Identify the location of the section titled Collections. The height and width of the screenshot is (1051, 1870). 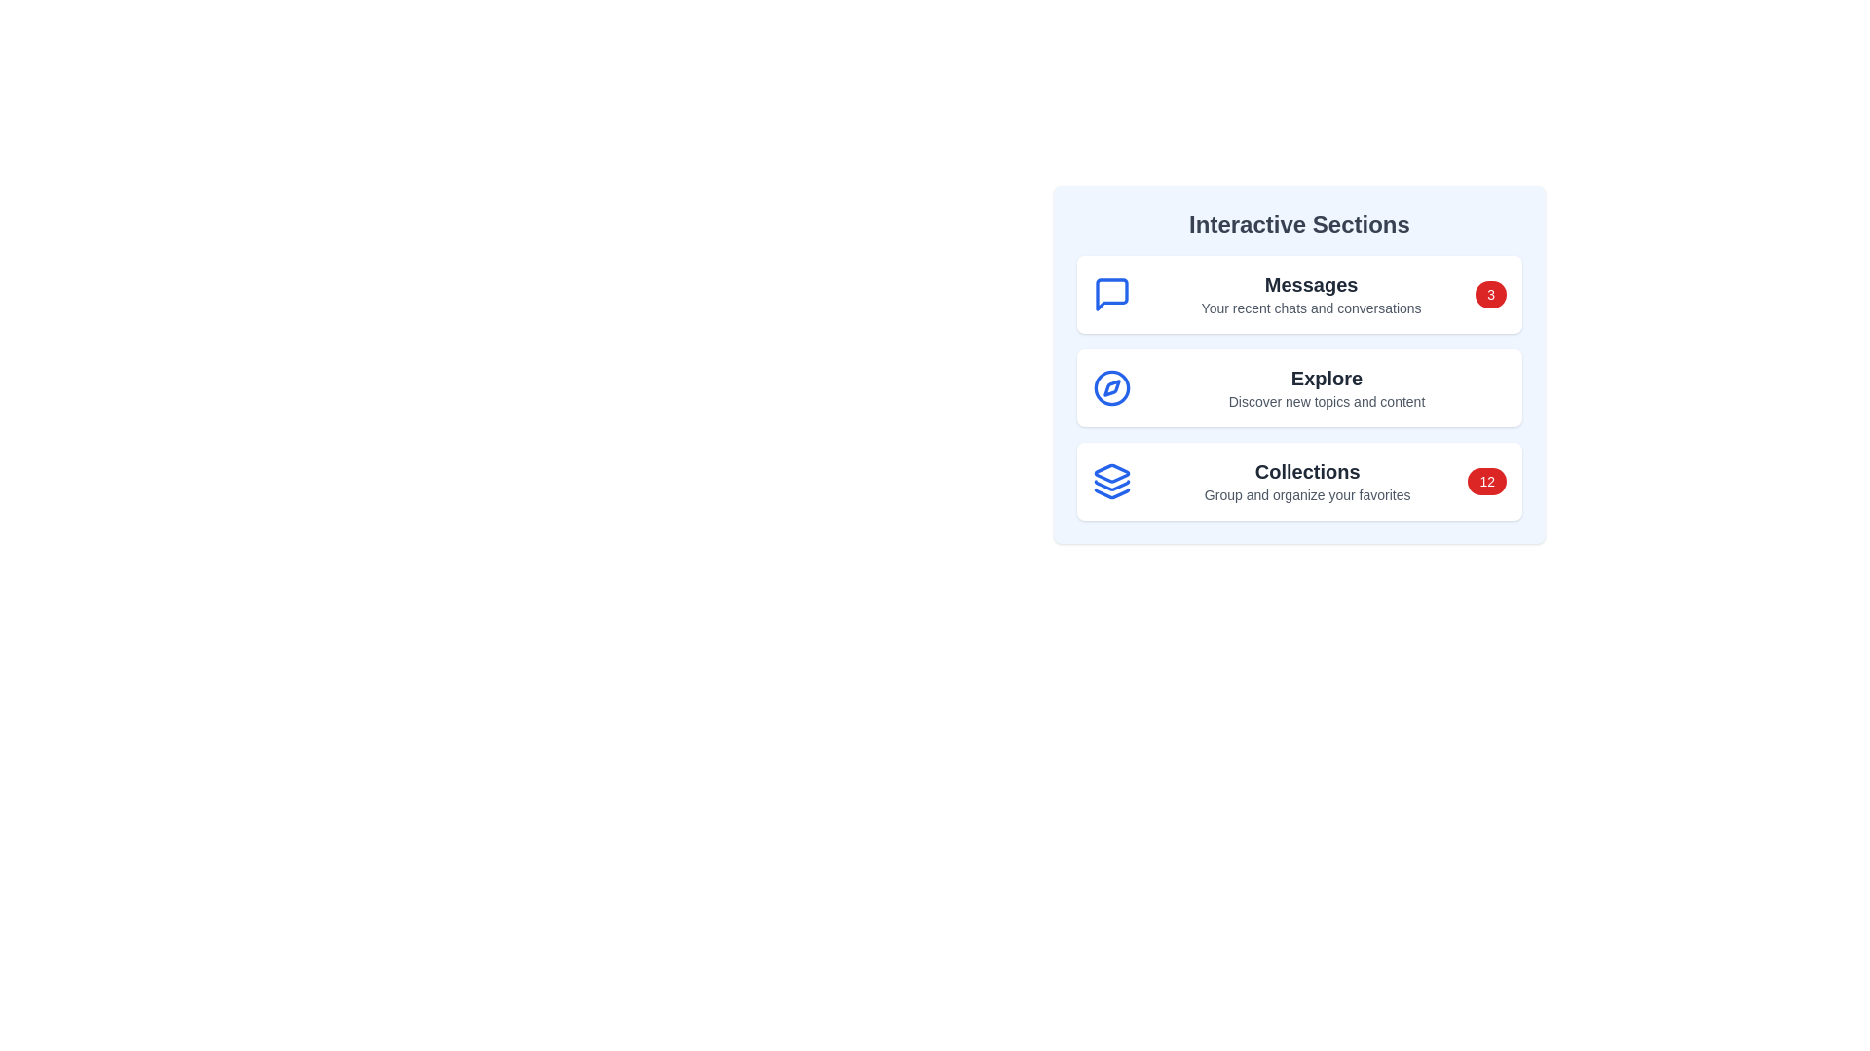
(1299, 481).